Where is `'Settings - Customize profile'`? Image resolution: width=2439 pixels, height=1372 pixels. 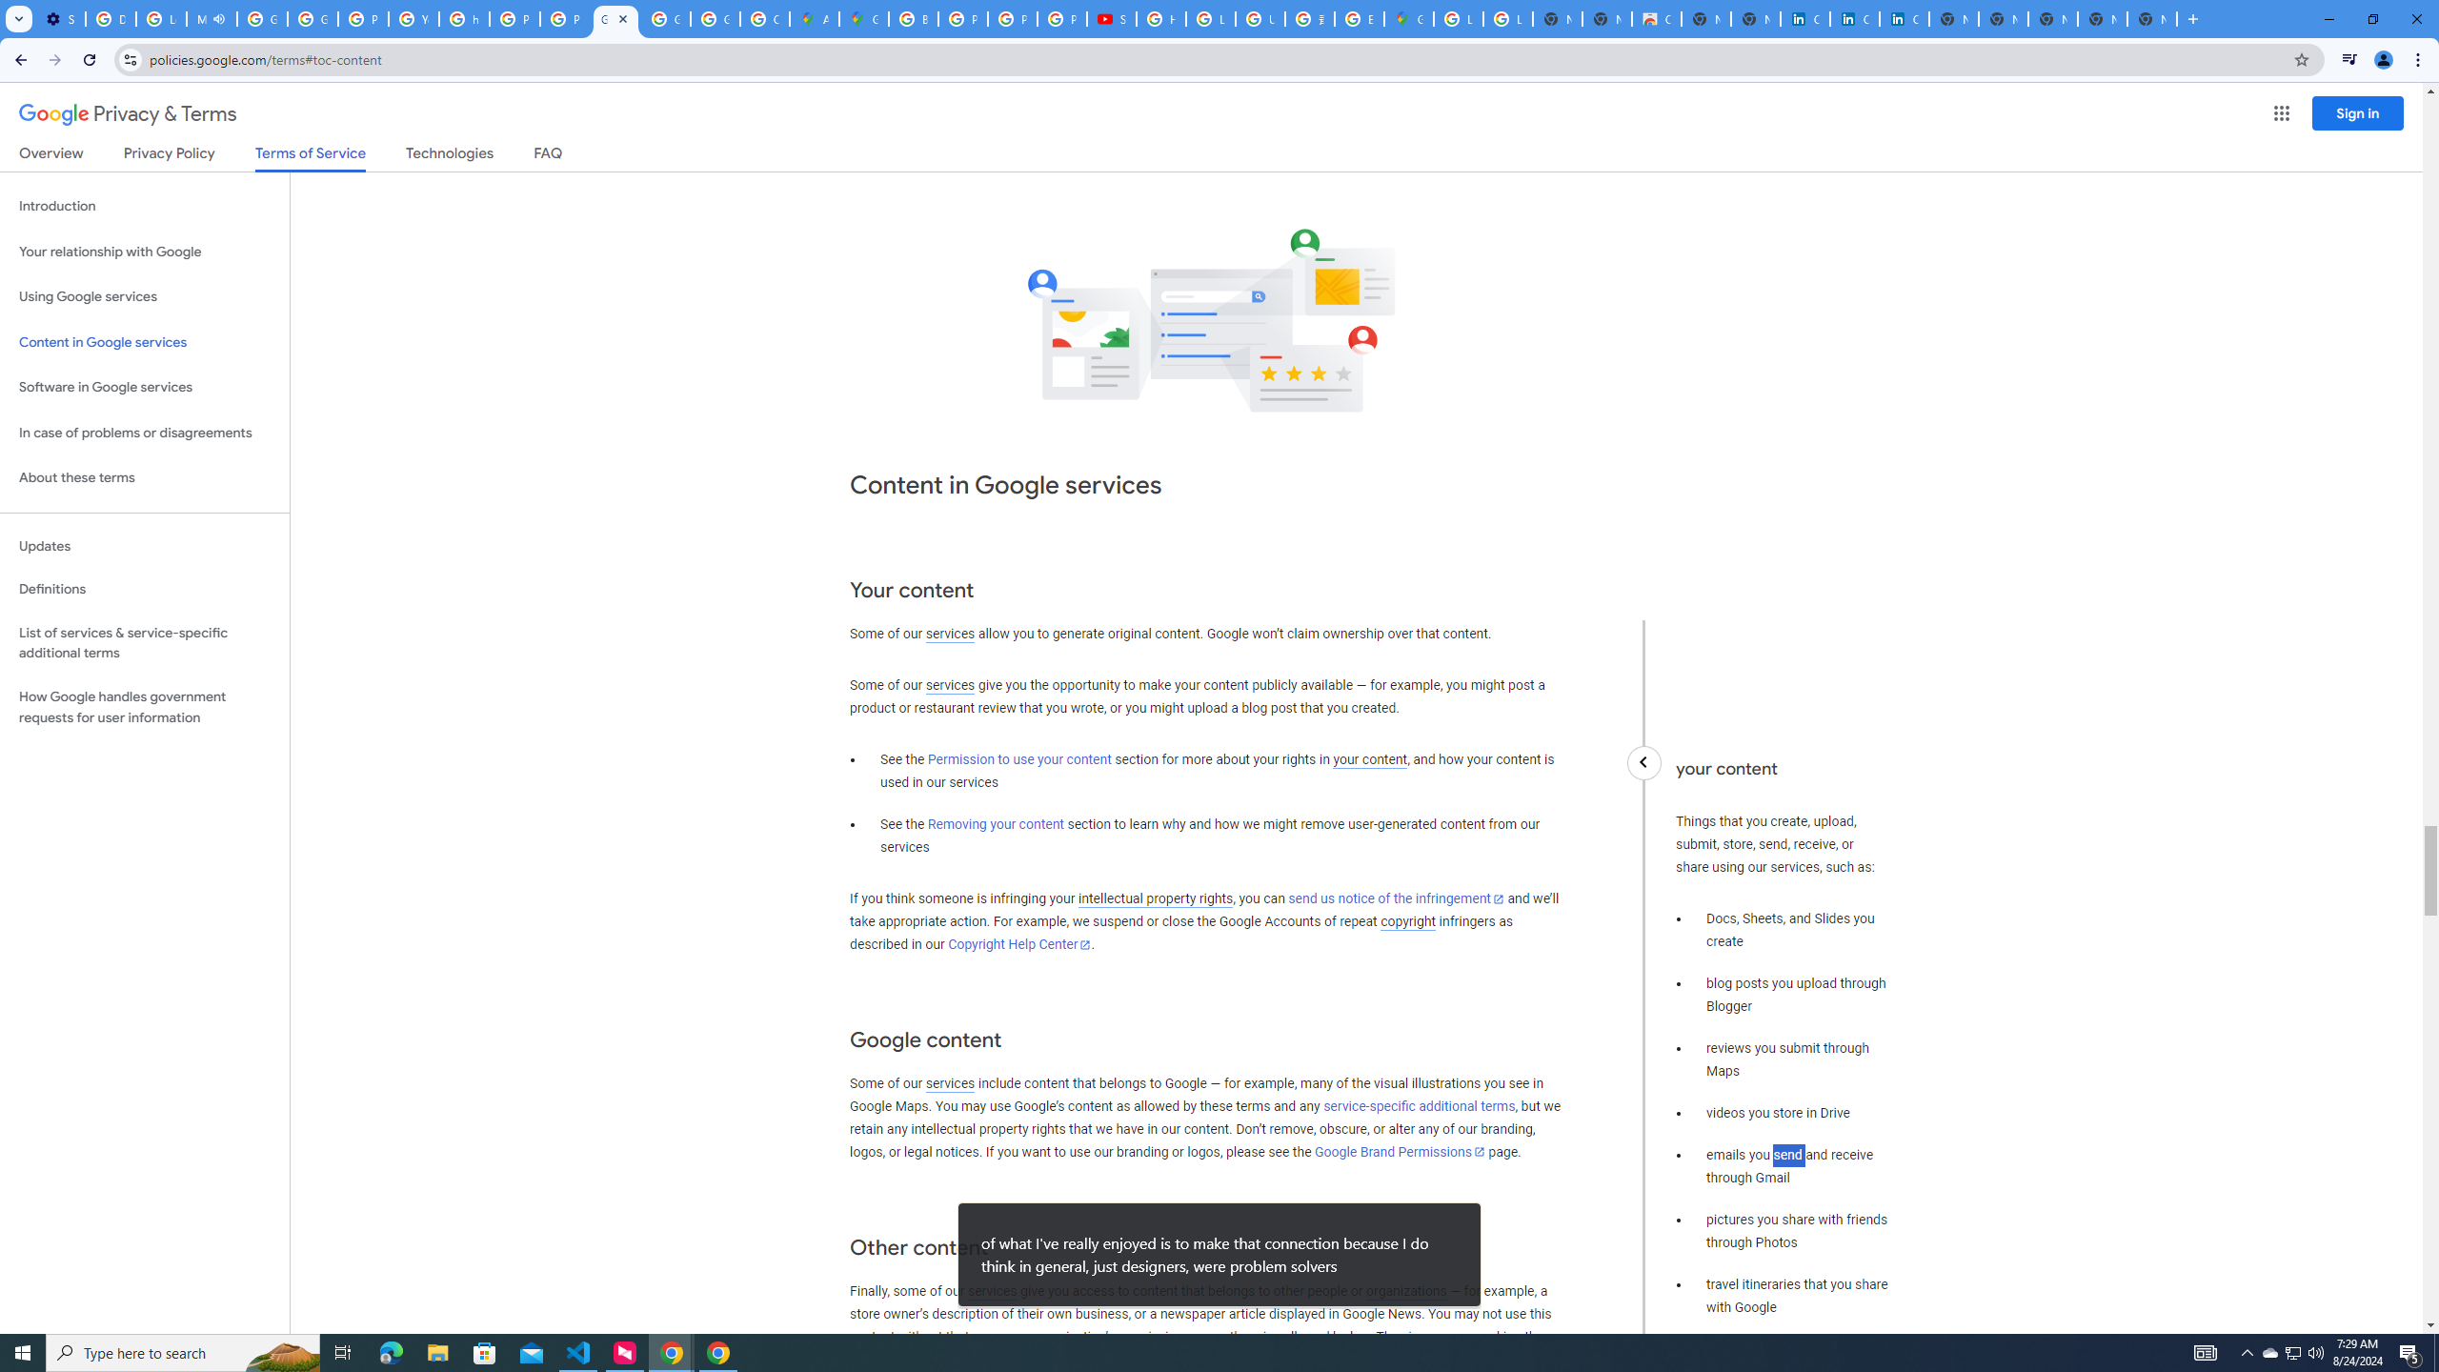
'Settings - Customize profile' is located at coordinates (61, 18).